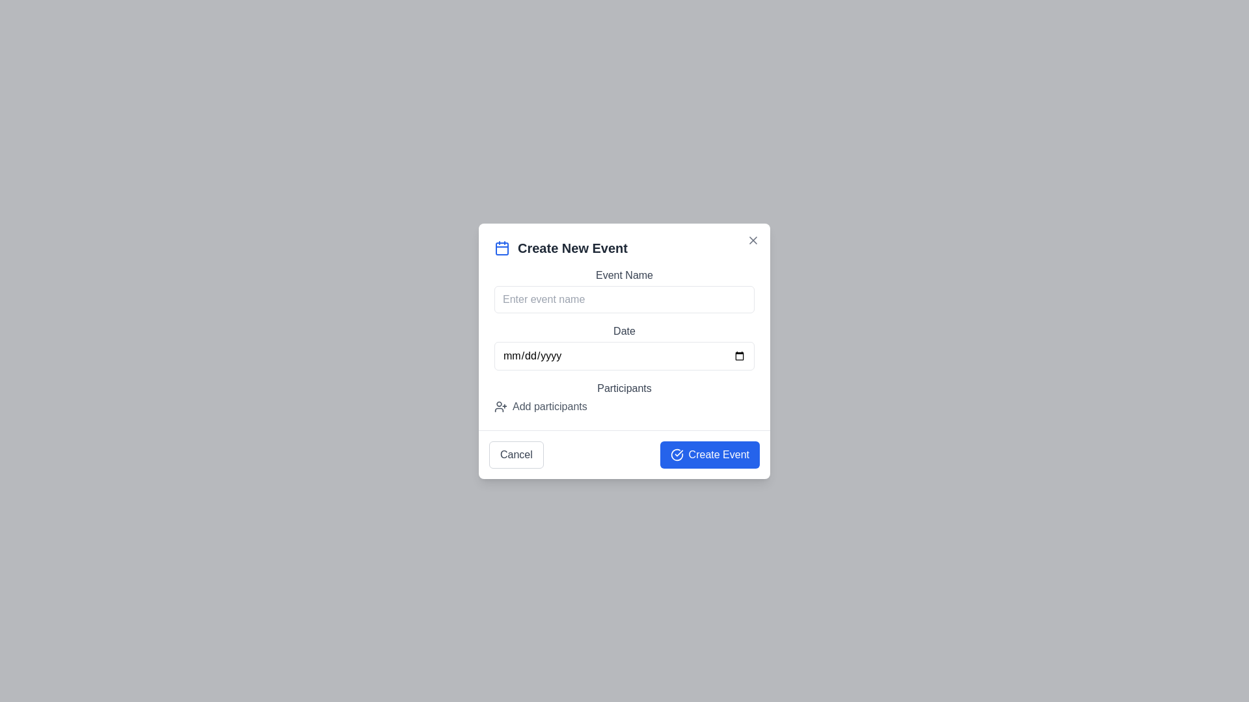  Describe the element at coordinates (624, 248) in the screenshot. I see `the 'Create New Event' label, which features a blue calendar icon on the left and bold text on the right, located at the top of the form layout` at that location.